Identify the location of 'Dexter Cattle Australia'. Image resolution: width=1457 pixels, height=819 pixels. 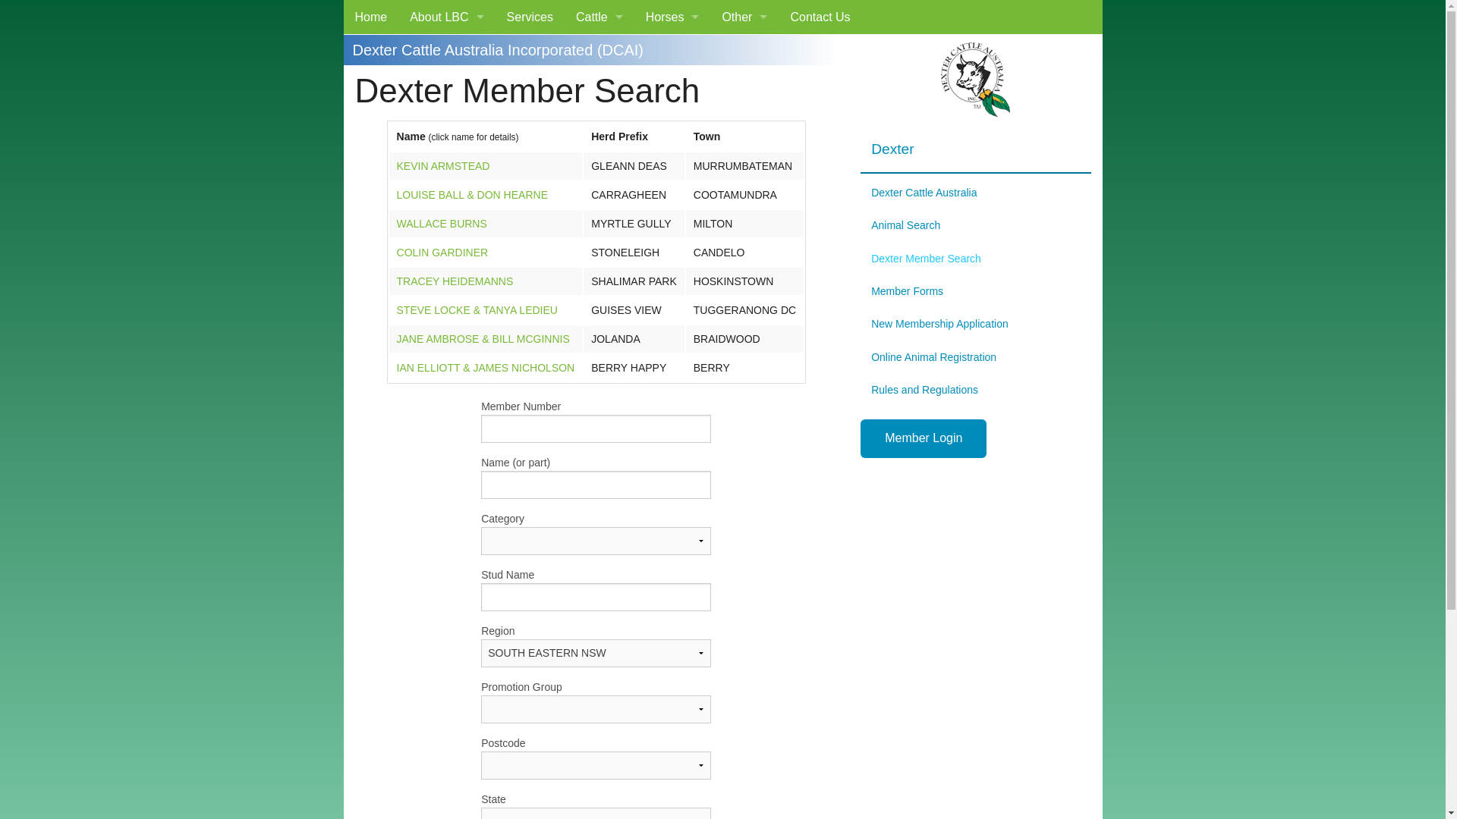
(975, 192).